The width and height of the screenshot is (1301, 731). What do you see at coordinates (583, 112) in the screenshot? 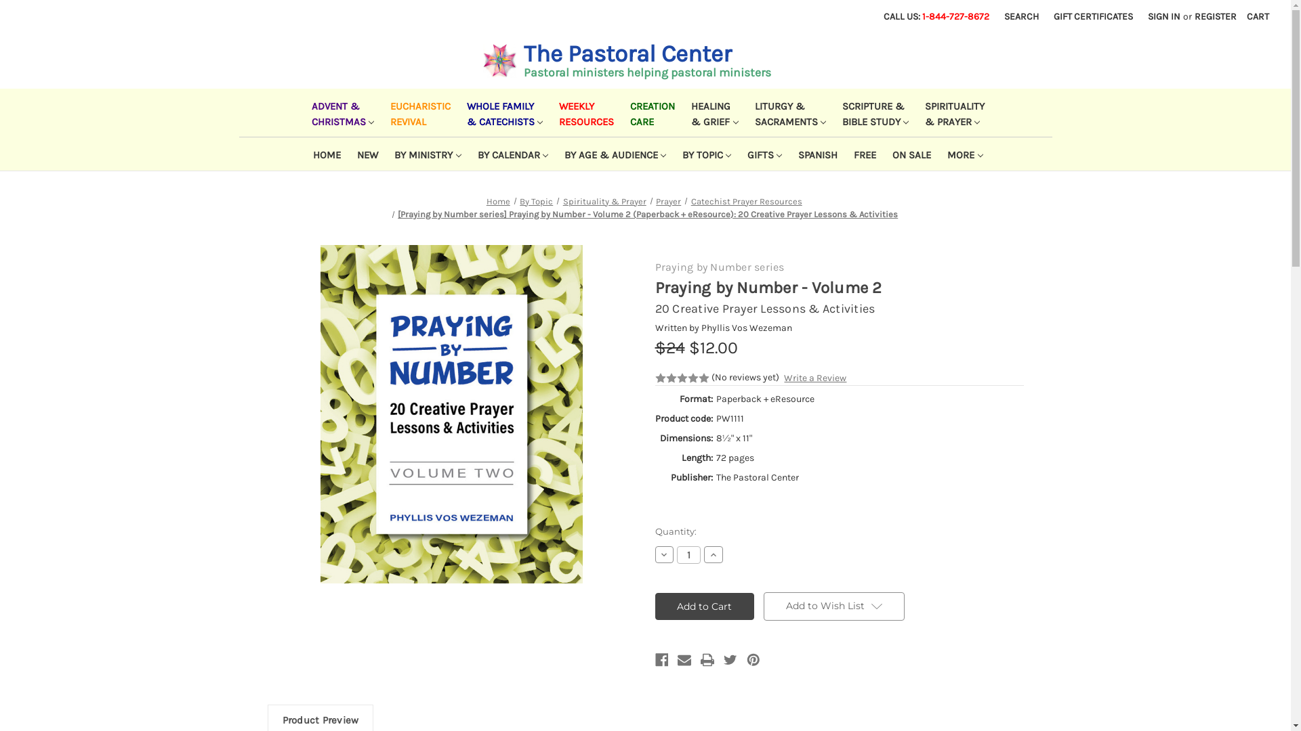
I see `'WEEKLY` at bounding box center [583, 112].